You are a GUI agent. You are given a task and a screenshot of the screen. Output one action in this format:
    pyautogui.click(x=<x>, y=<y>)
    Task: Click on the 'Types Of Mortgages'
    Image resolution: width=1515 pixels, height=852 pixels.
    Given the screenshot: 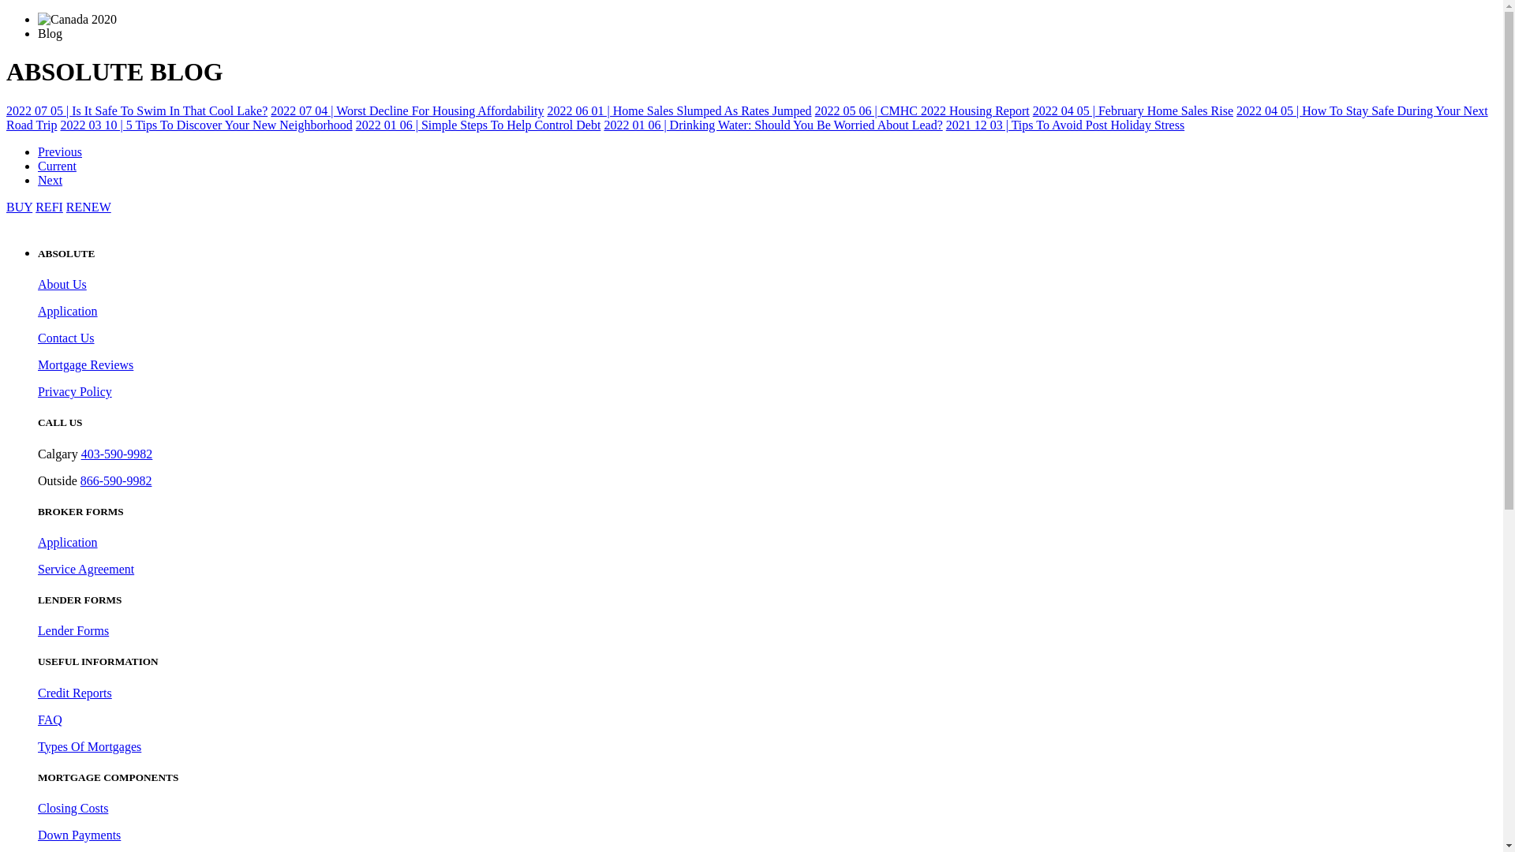 What is the action you would take?
    pyautogui.click(x=88, y=745)
    